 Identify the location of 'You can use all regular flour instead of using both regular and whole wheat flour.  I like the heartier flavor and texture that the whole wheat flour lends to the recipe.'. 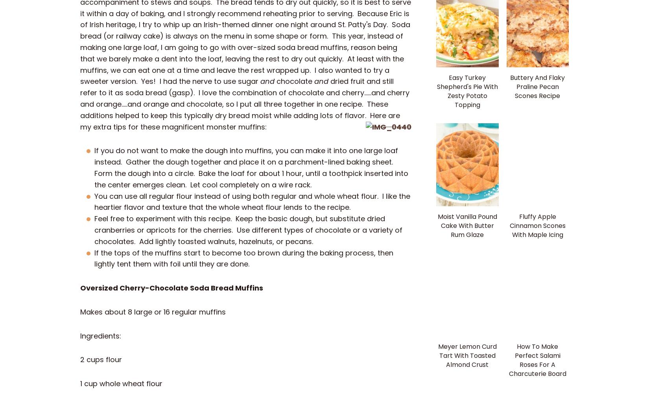
(252, 201).